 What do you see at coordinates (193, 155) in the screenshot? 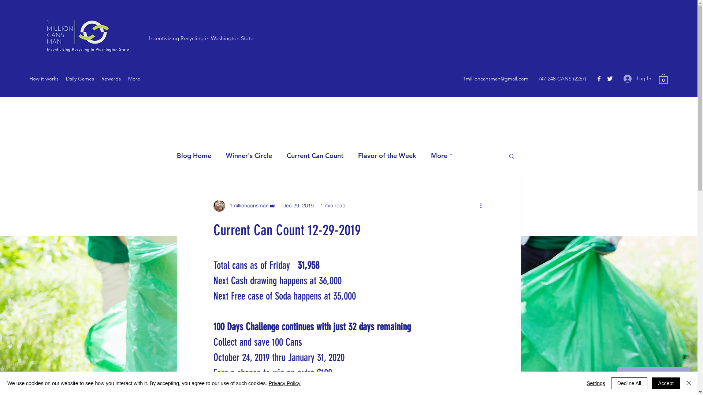
I see `'Blog Home'` at bounding box center [193, 155].